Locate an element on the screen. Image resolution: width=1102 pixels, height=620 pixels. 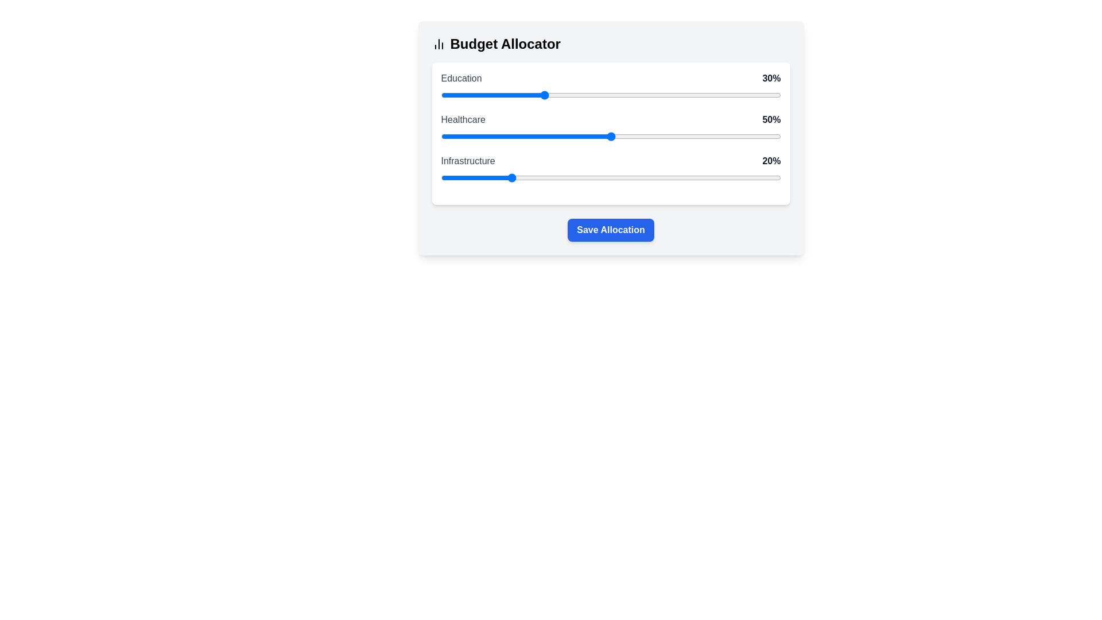
the education allocation is located at coordinates (662, 94).